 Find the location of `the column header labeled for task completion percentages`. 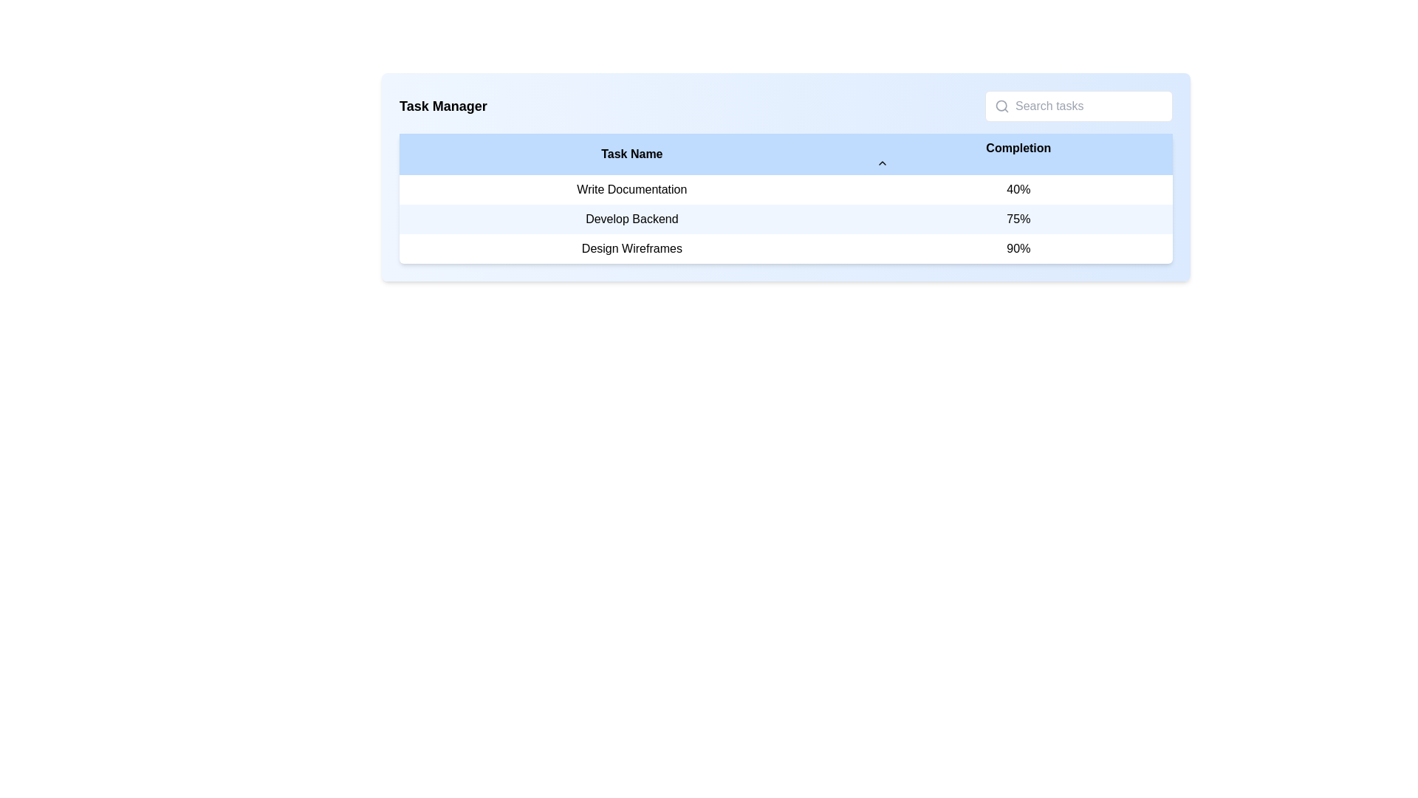

the column header labeled for task completion percentages is located at coordinates (1017, 154).